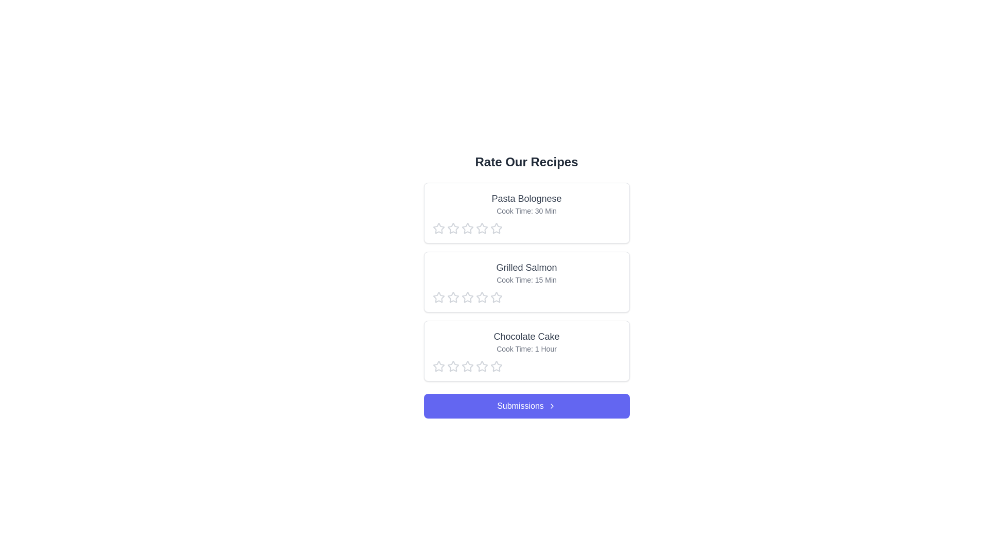 Image resolution: width=988 pixels, height=556 pixels. What do you see at coordinates (526, 406) in the screenshot?
I see `the 'Submissions' button to submit the ratings` at bounding box center [526, 406].